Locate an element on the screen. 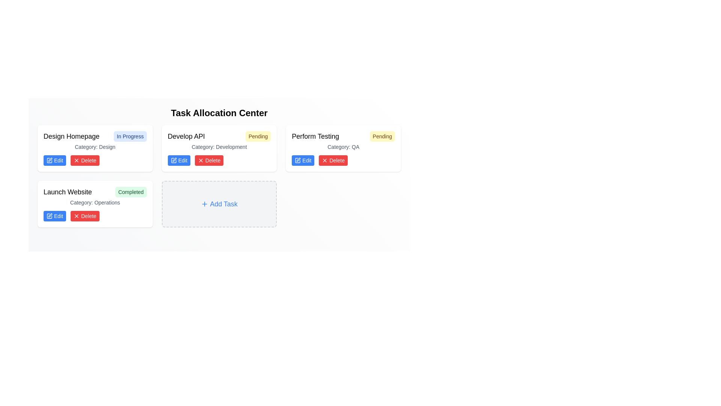 The height and width of the screenshot is (406, 721). the status badge indicating 'Pending' for the 'Perform Testing' task located in the upper right corner of the task card is located at coordinates (382, 136).